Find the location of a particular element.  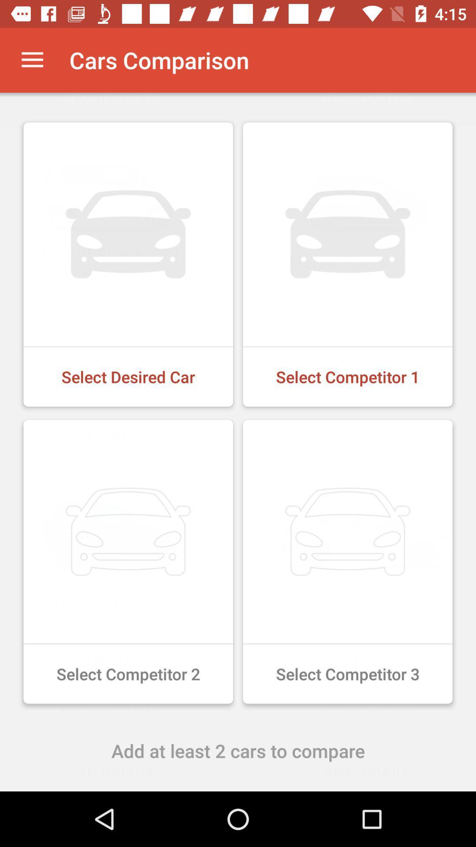

the item to the left of cars comparison is located at coordinates (32, 60).